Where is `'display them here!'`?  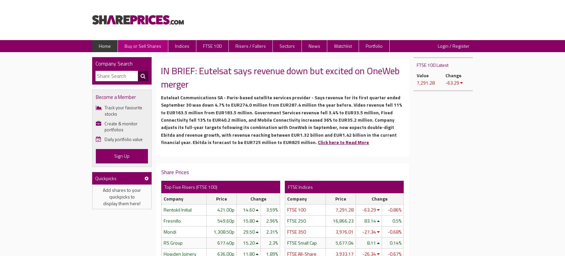
'display them here!' is located at coordinates (103, 203).